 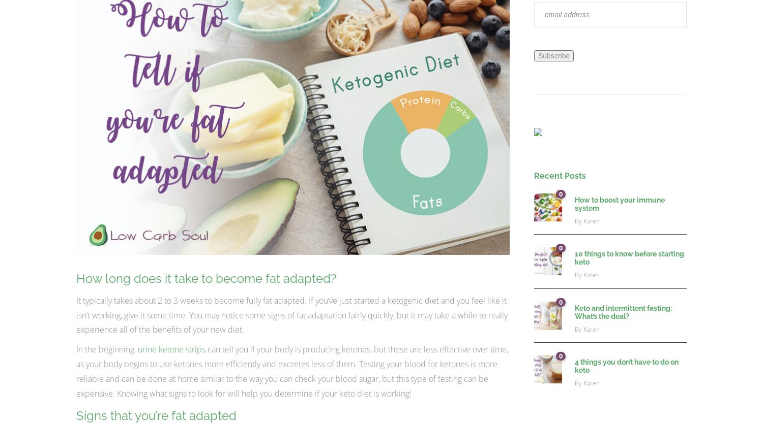 I want to click on 'urine ketone strips', so click(x=171, y=348).